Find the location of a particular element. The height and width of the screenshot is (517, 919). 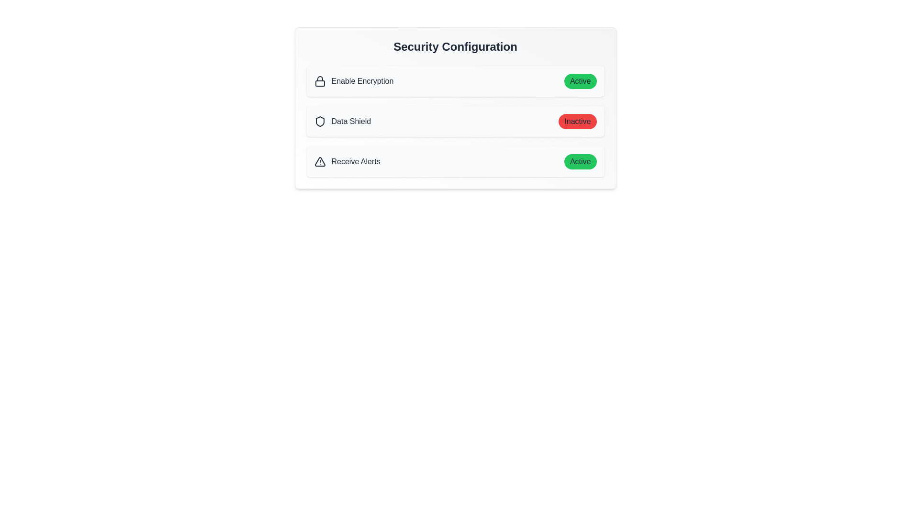

the 'Data Shield' List Item with State Indicator in the 'Security Configuration' section is located at coordinates (455, 121).